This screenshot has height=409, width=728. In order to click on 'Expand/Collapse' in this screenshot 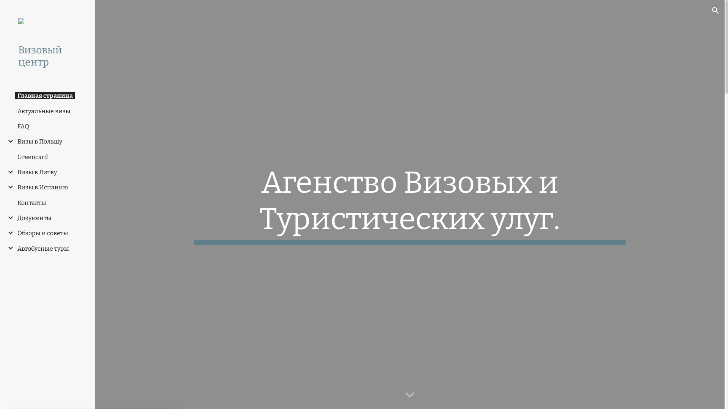, I will do `click(2, 232)`.